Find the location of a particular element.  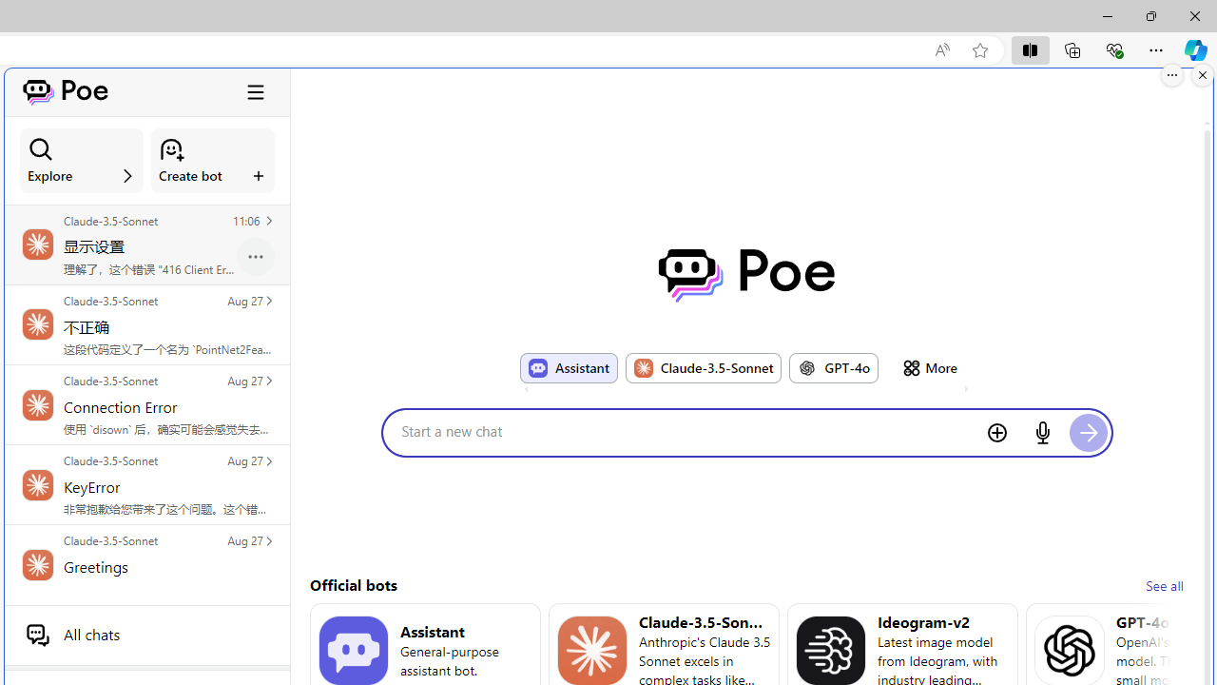

'Toggle sidebar collapse' is located at coordinates (255, 91).